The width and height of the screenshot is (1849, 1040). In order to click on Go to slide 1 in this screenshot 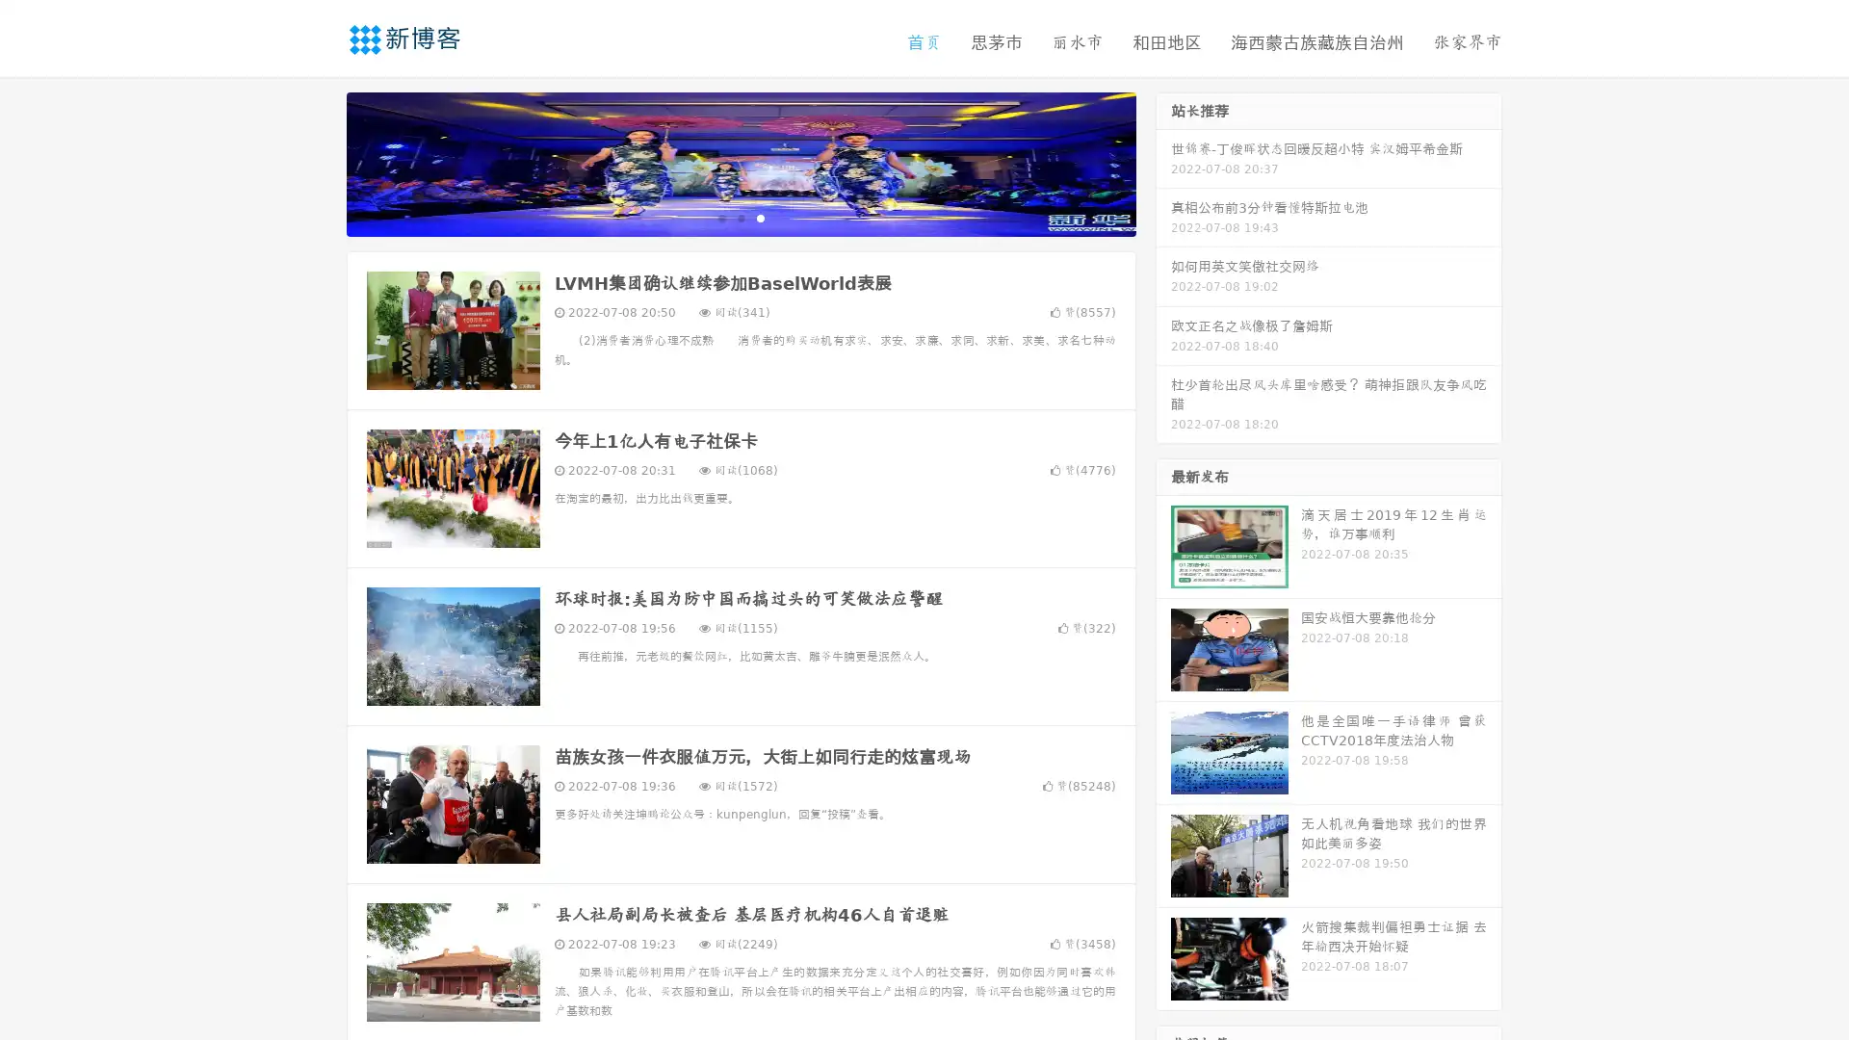, I will do `click(720, 217)`.